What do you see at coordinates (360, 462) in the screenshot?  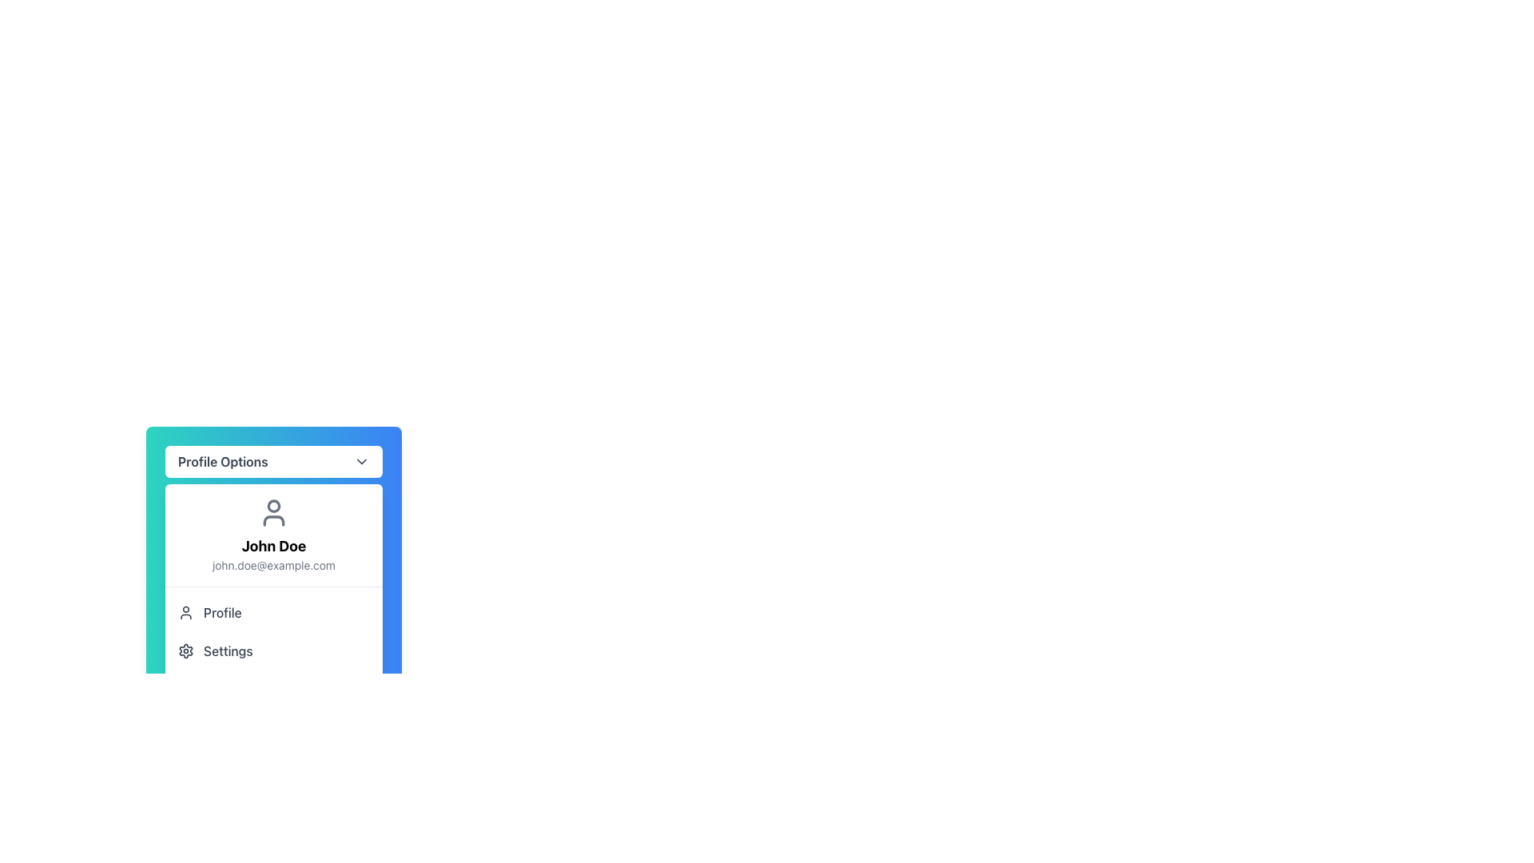 I see `the icon that signifies additional options related to the 'Profile Options' button` at bounding box center [360, 462].